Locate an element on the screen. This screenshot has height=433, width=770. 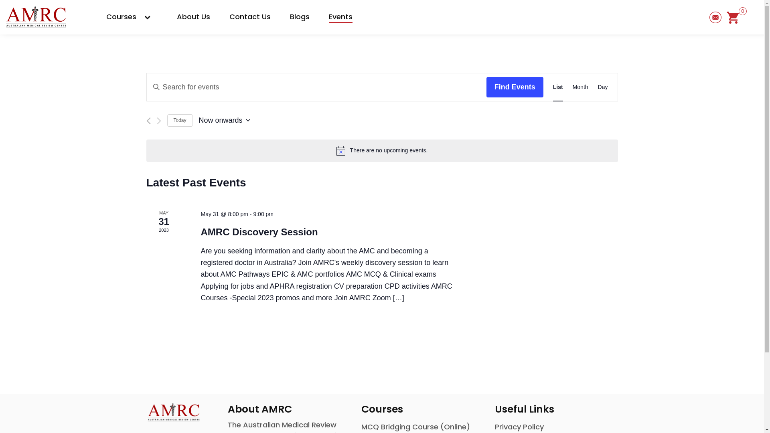
'Blogs' is located at coordinates (299, 16).